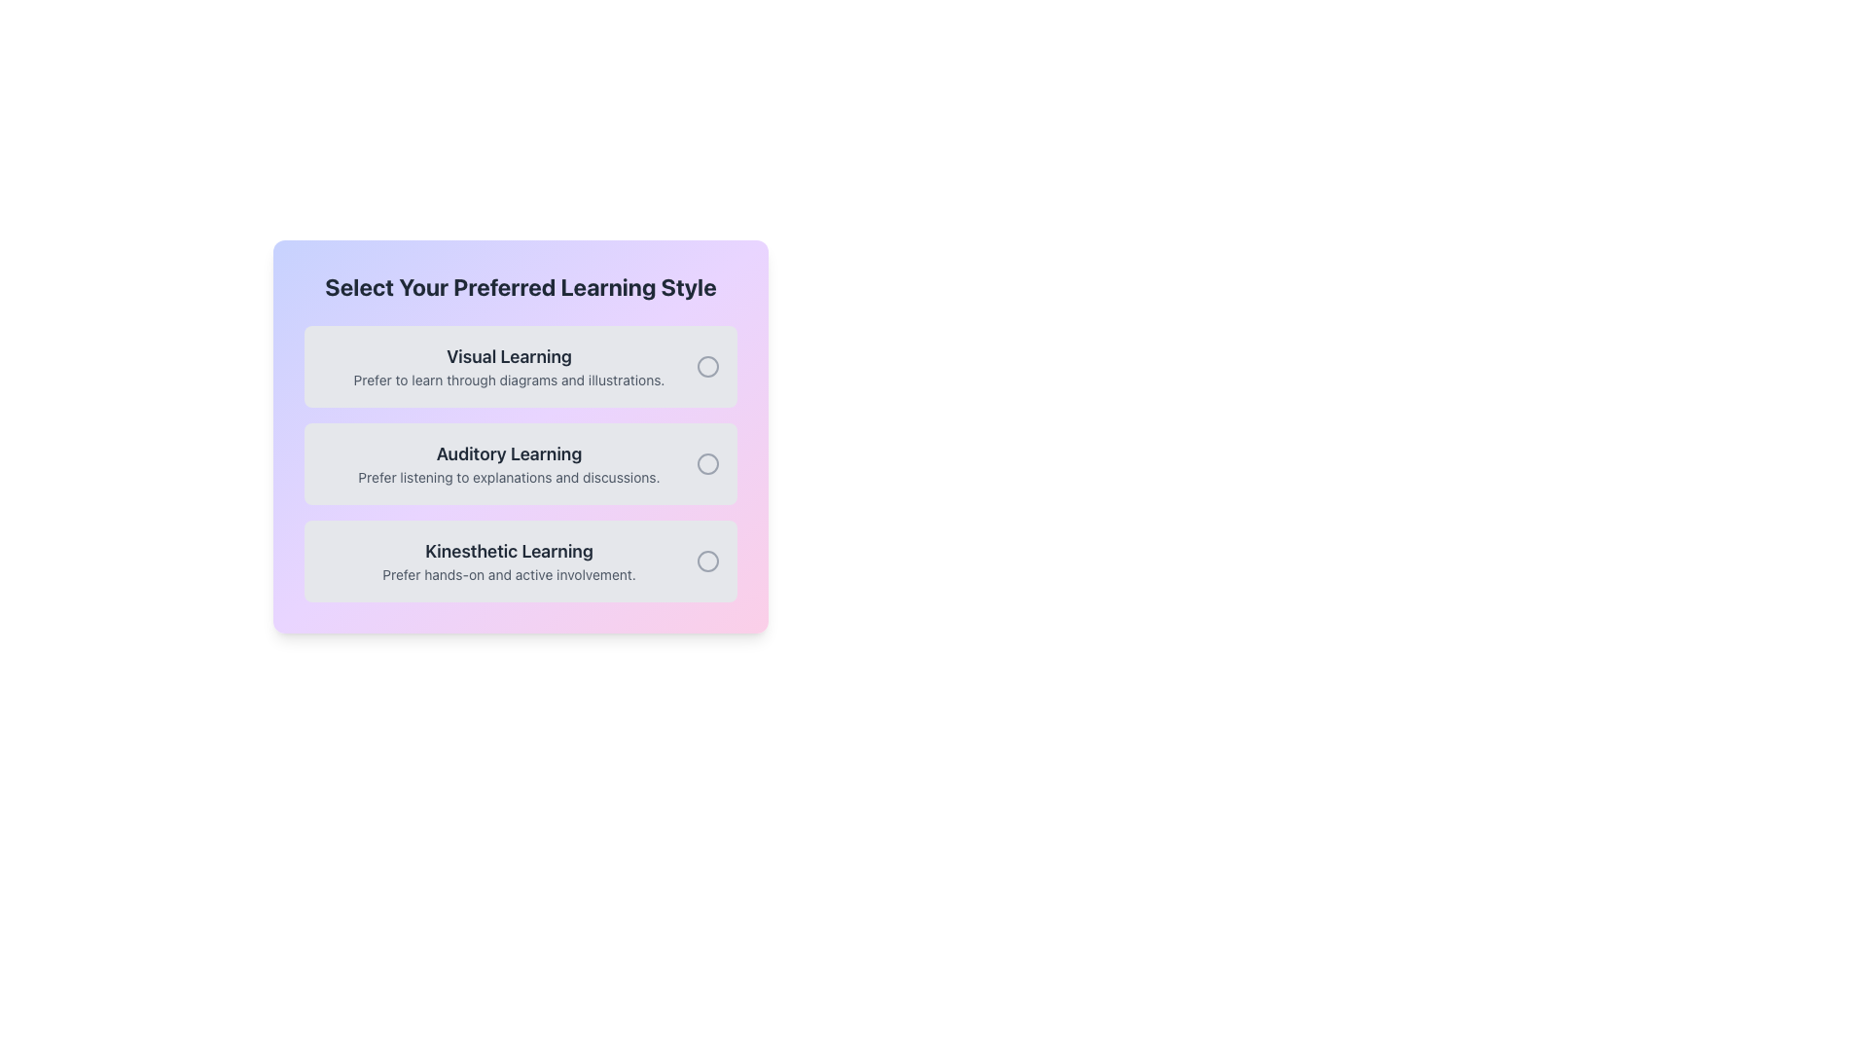  Describe the element at coordinates (707, 562) in the screenshot. I see `the SVG Circle that serves as an interactive visual indicator for the 'Kinesthetic Learning' option` at that location.